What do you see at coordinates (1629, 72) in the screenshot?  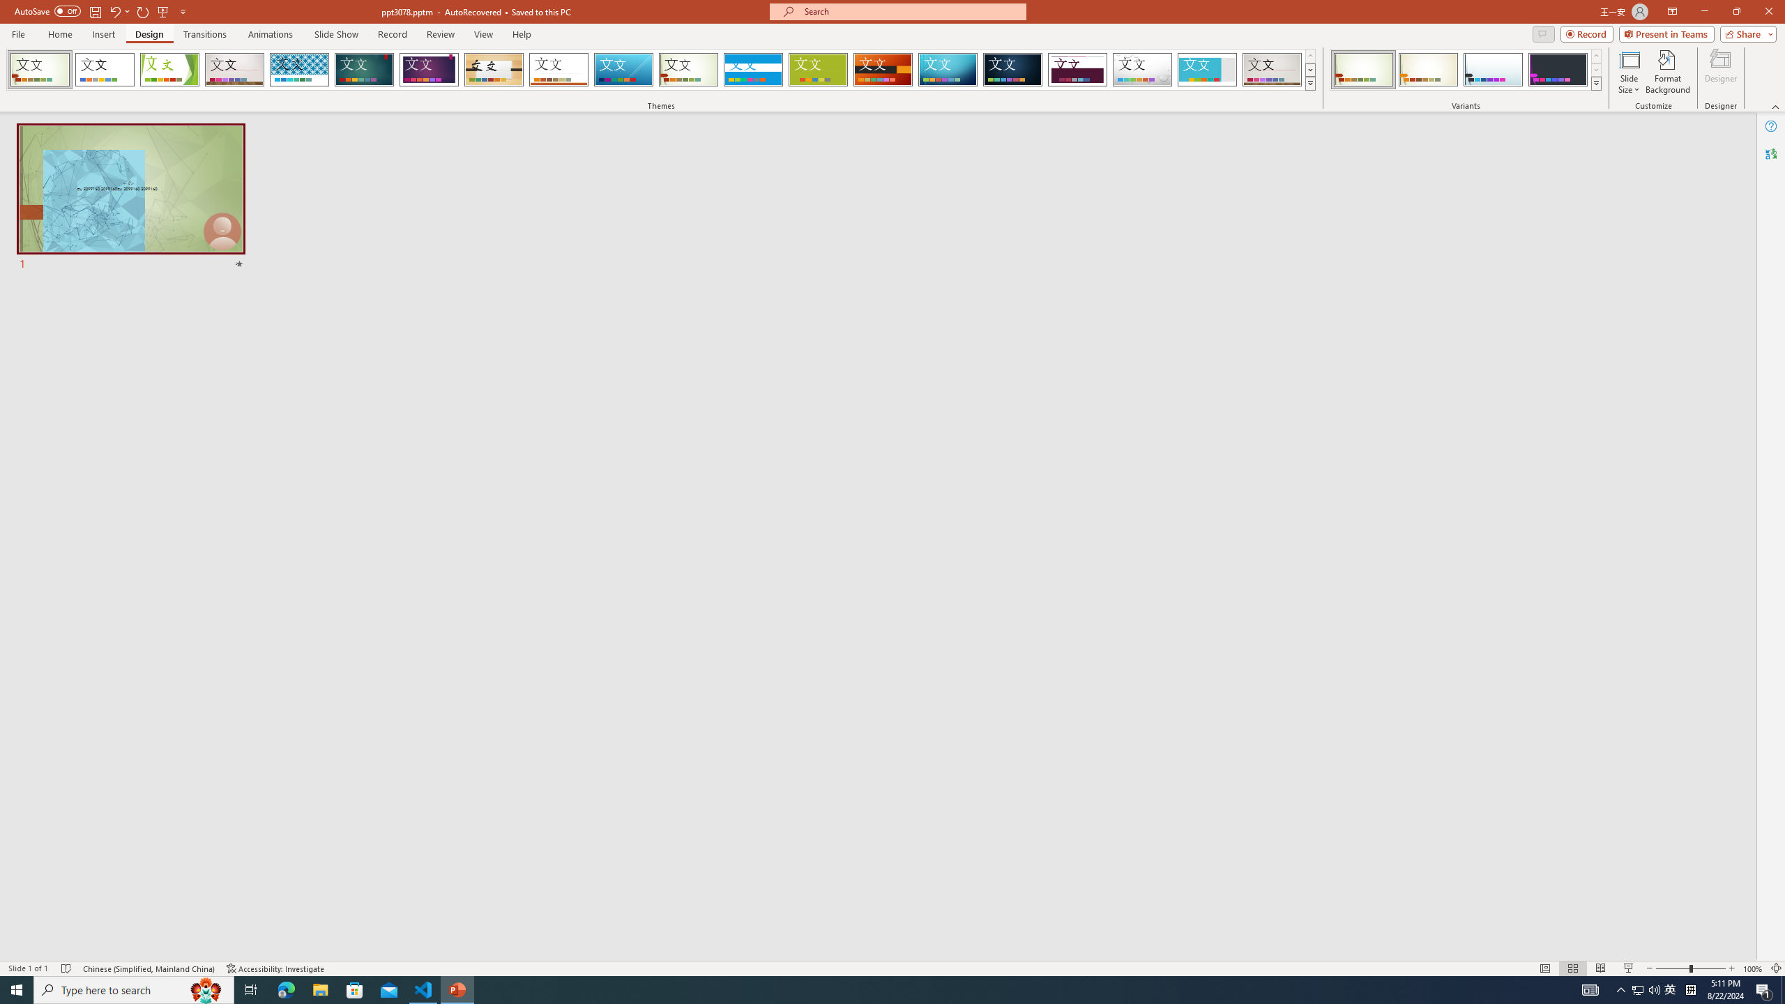 I see `'Slide Size'` at bounding box center [1629, 72].